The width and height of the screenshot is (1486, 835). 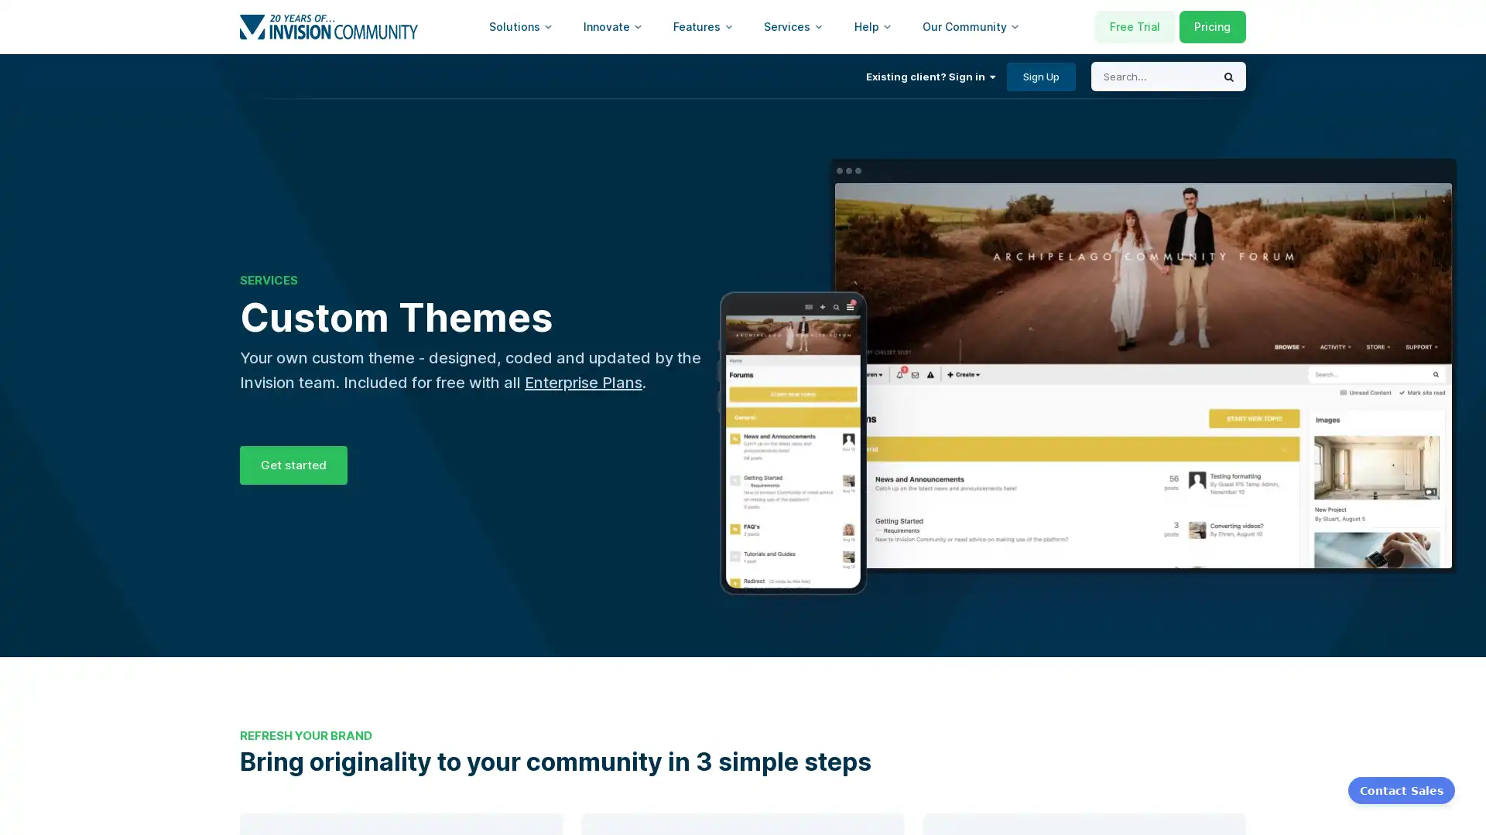 I want to click on Search, so click(x=1228, y=77).